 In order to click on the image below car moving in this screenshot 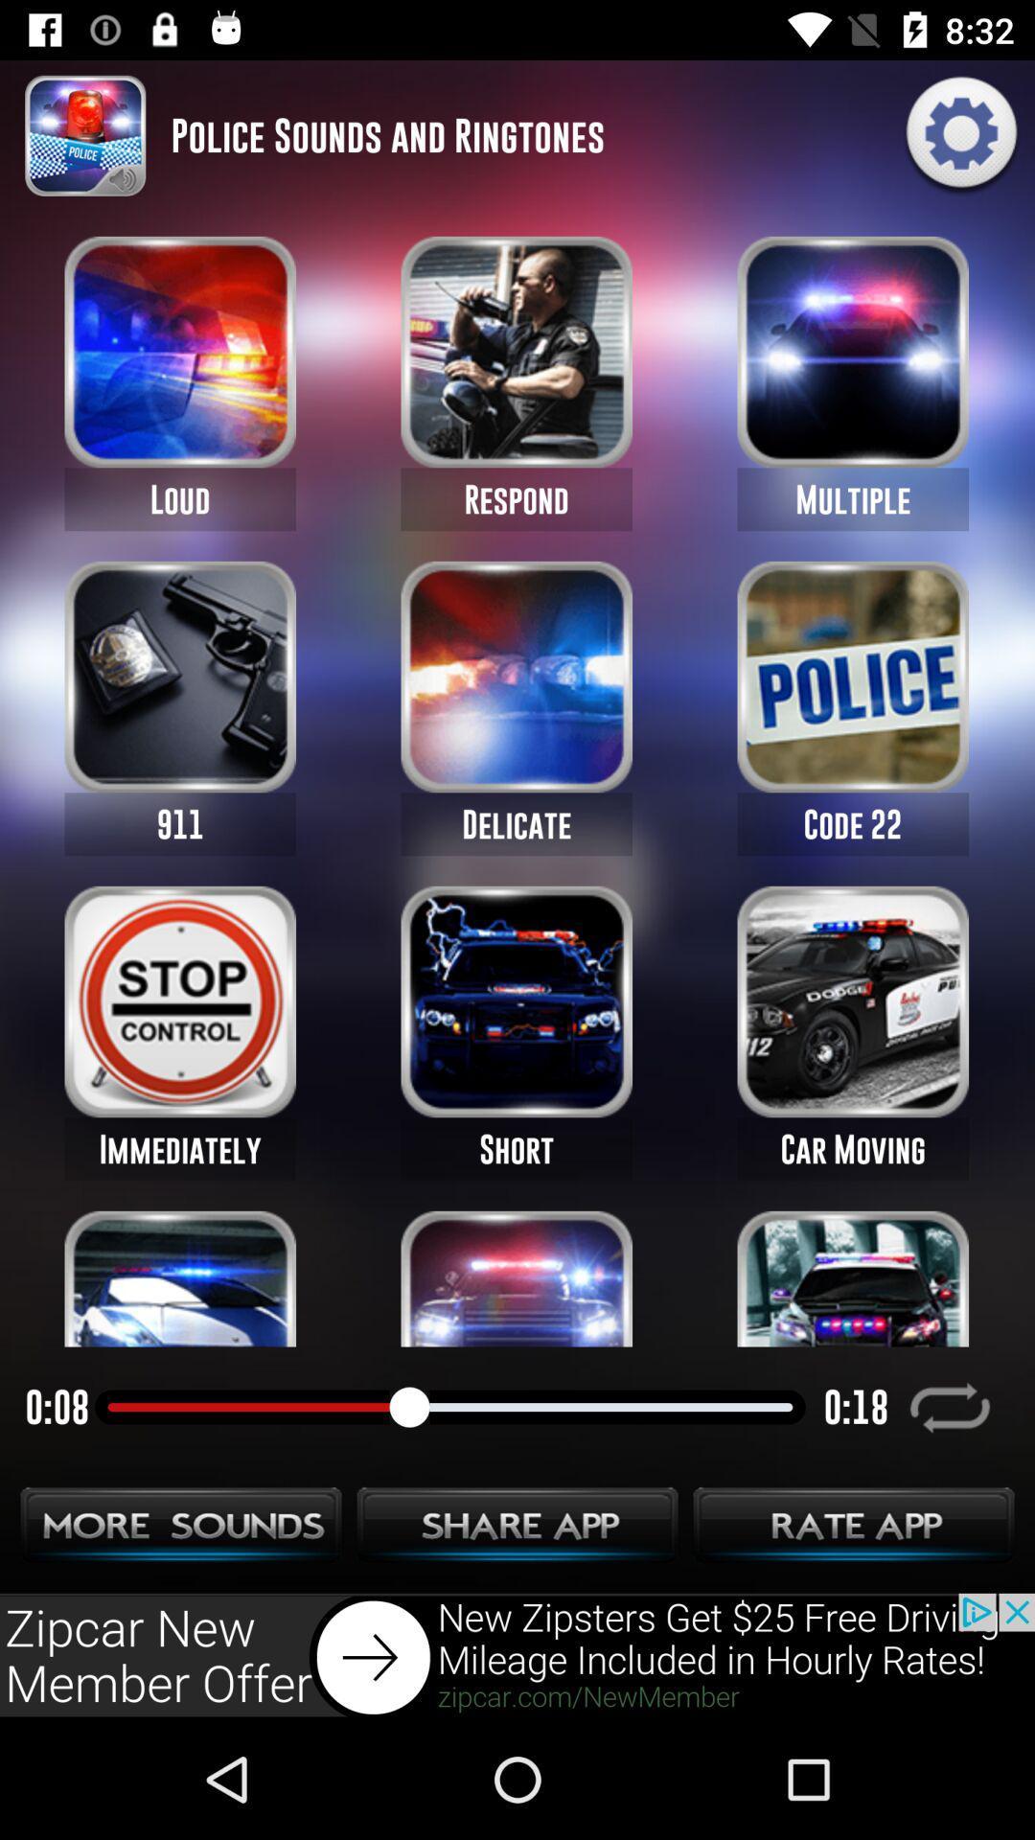, I will do `click(852, 1278)`.